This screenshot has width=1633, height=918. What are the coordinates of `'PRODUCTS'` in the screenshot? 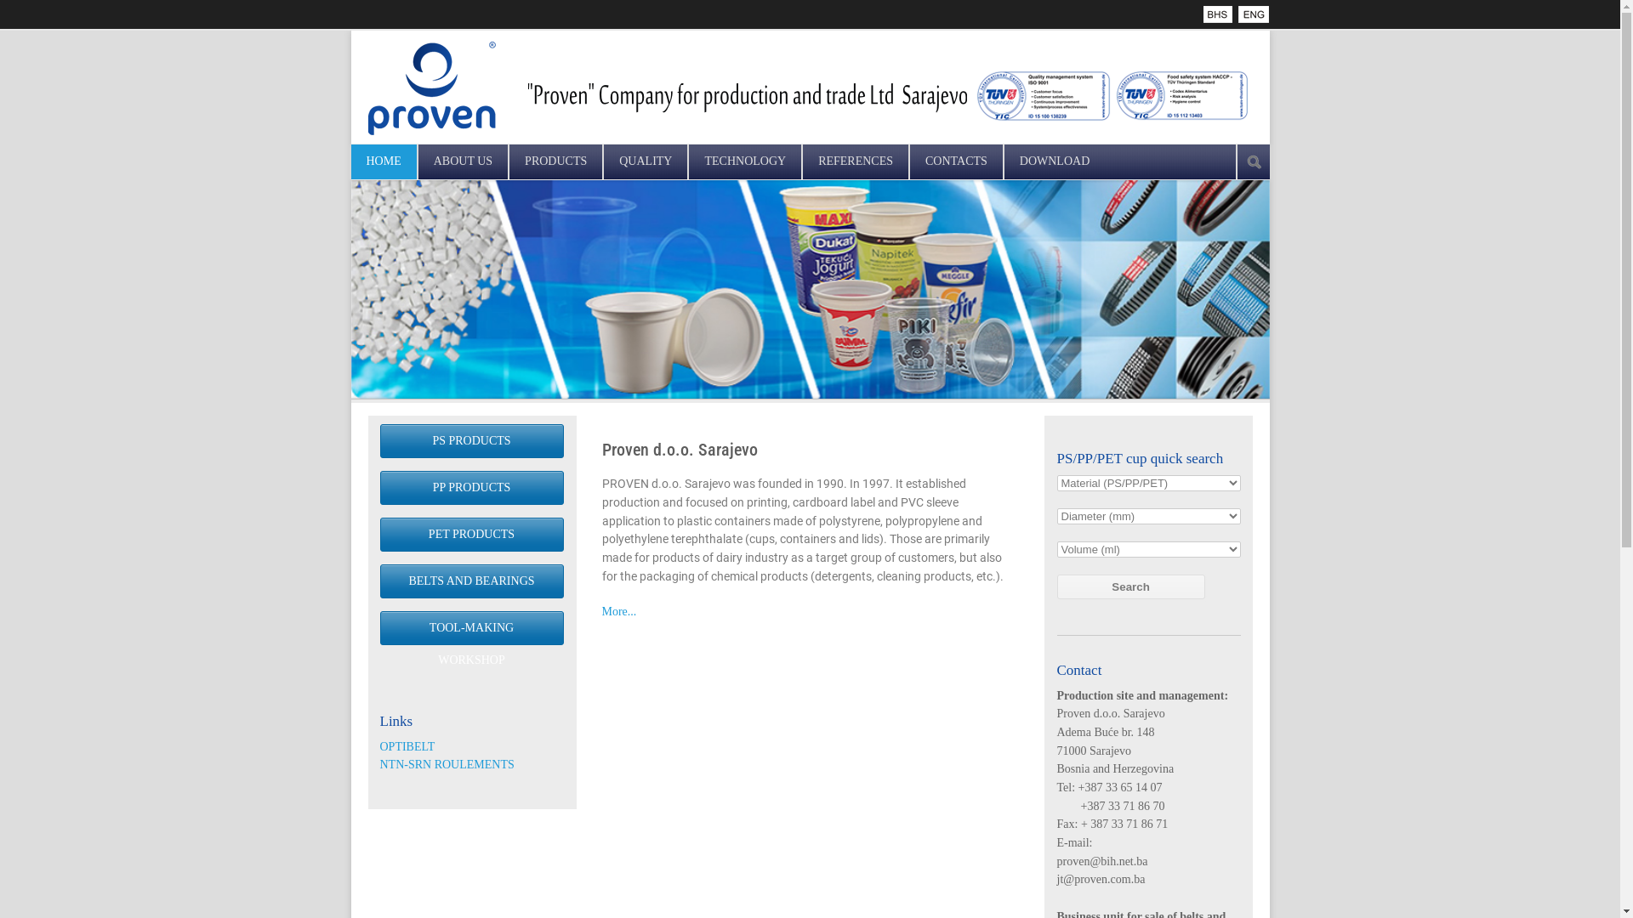 It's located at (555, 161).